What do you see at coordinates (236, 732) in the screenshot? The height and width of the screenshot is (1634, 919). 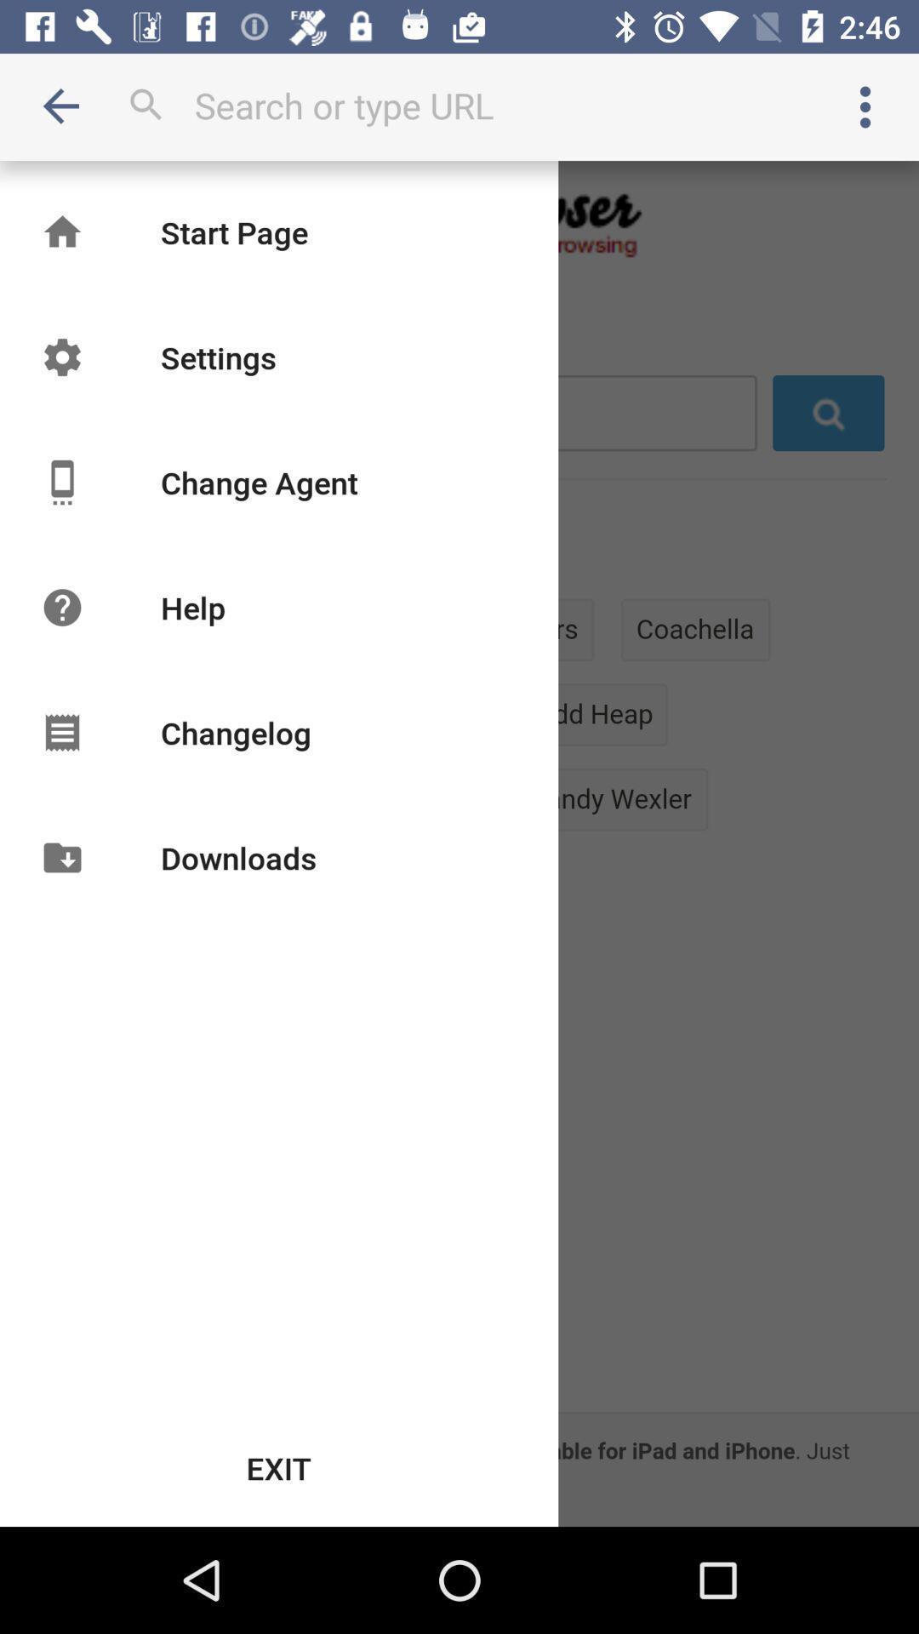 I see `item above downloads` at bounding box center [236, 732].